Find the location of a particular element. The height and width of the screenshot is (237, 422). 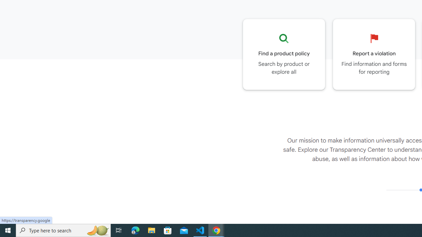

'Go to the Reporting and appeals page' is located at coordinates (374, 54).